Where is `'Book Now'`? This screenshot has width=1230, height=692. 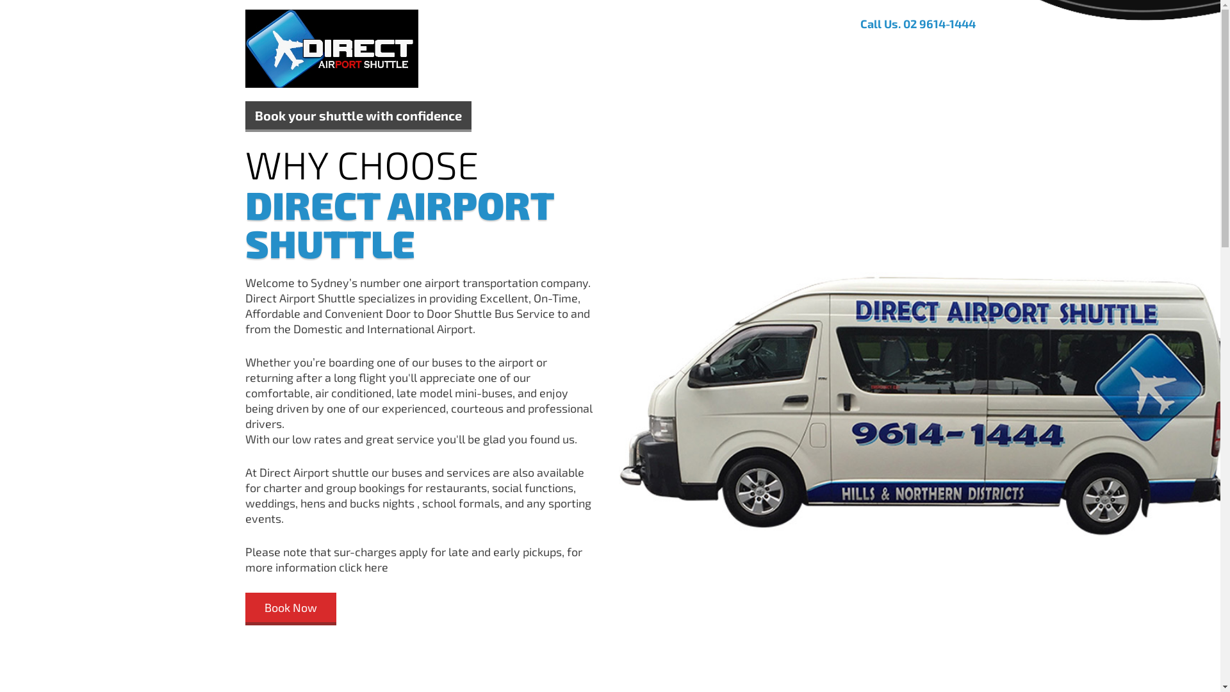 'Book Now' is located at coordinates (289, 608).